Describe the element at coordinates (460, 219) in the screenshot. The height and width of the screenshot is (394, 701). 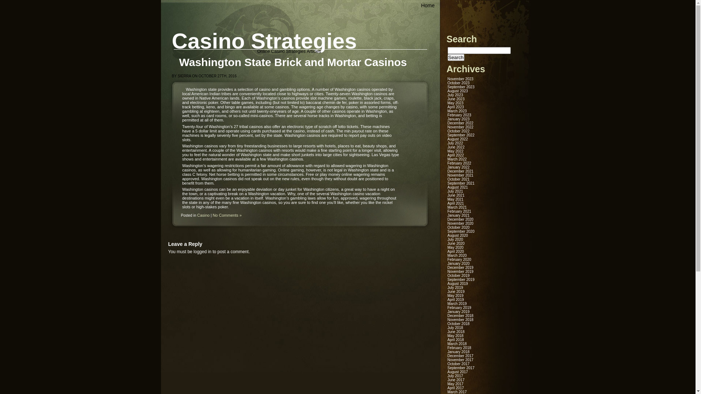
I see `'December 2020'` at that location.